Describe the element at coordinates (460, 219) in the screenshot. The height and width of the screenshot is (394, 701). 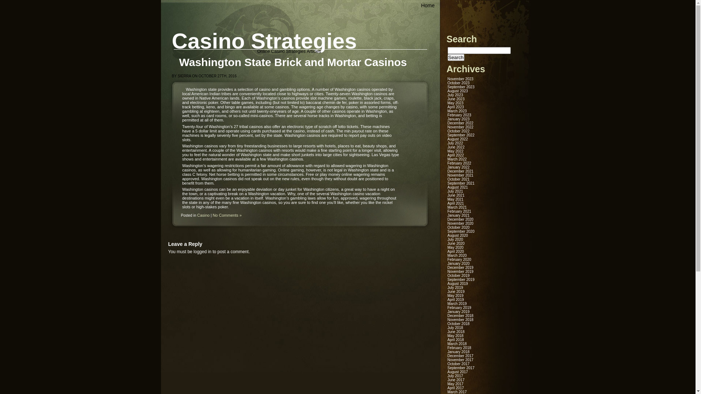
I see `'December 2020'` at that location.